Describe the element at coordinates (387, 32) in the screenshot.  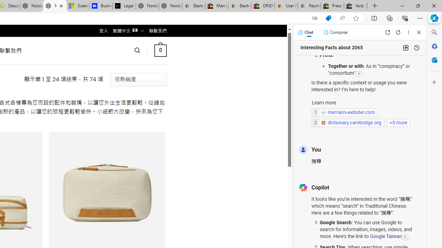
I see `'Open link in new tab'` at that location.